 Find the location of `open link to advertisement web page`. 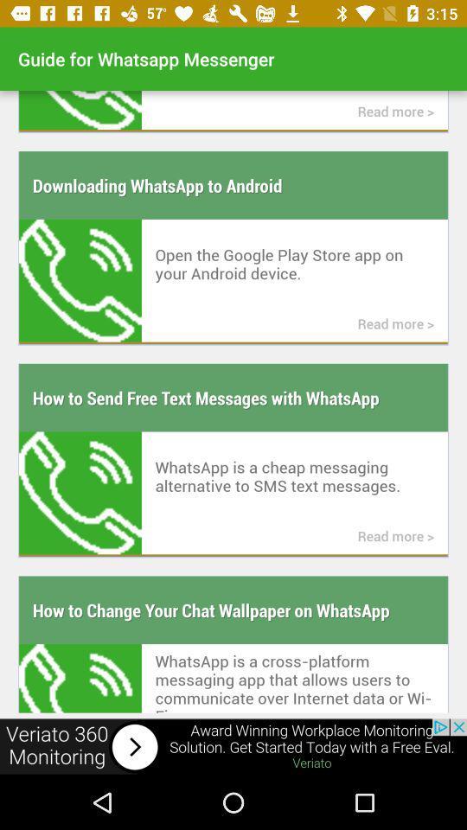

open link to advertisement web page is located at coordinates (233, 746).